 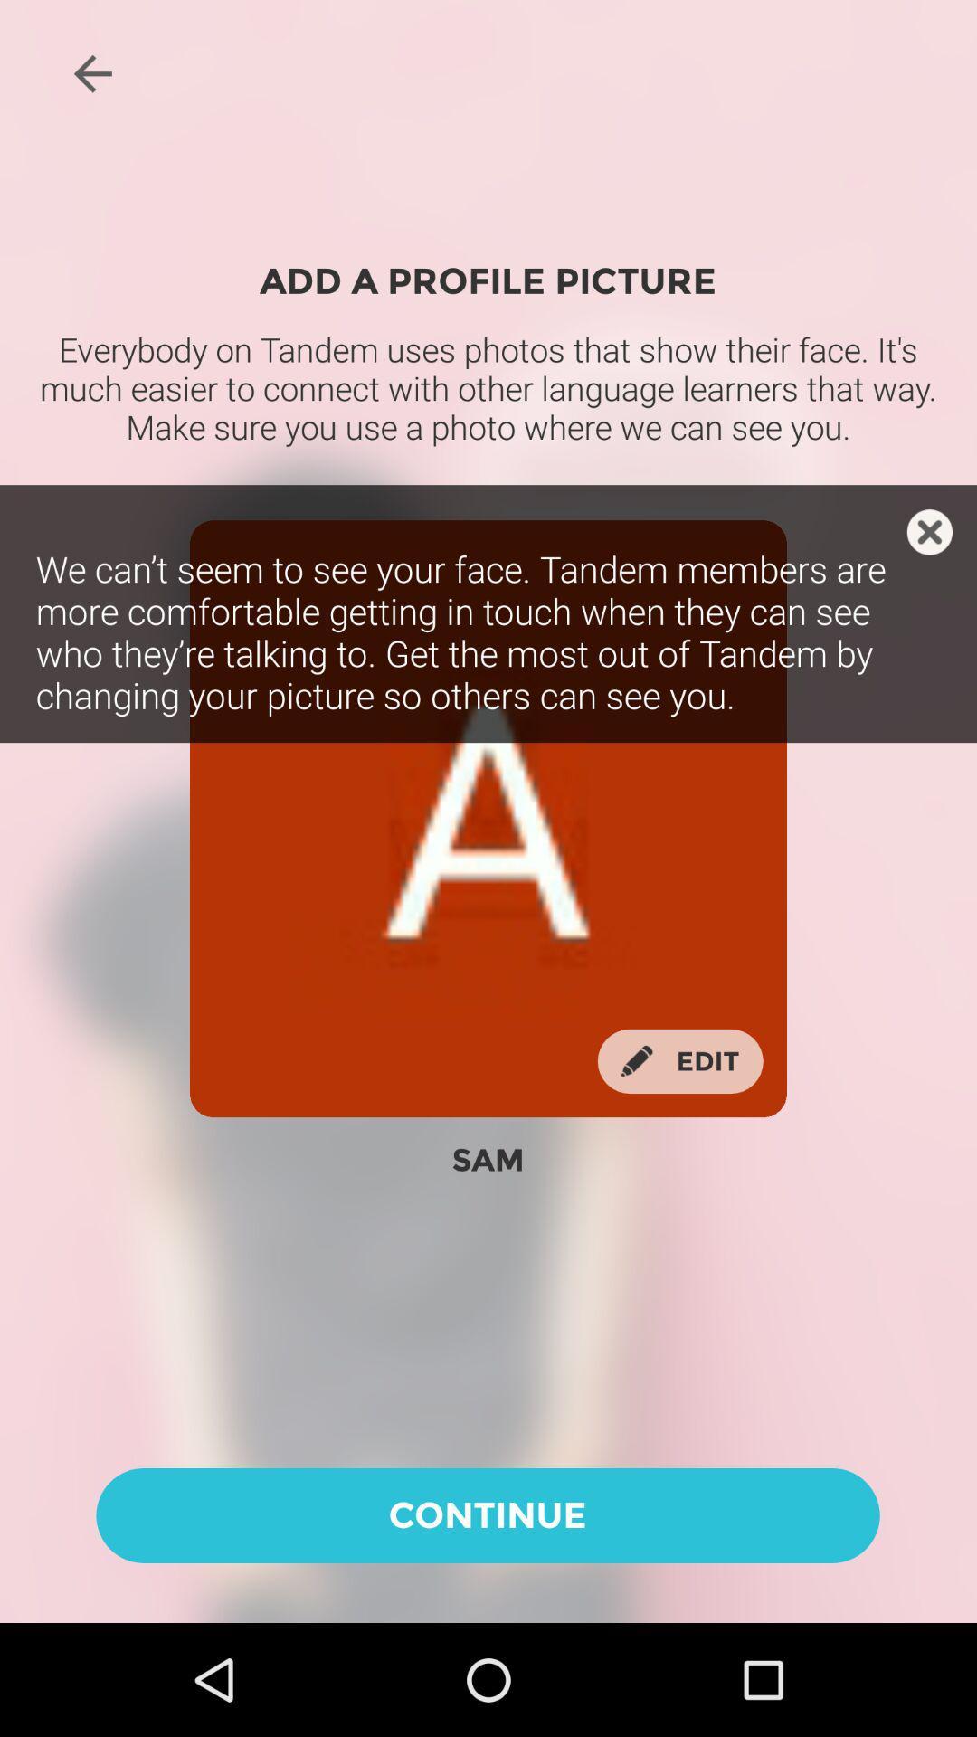 I want to click on the close icon, so click(x=929, y=531).